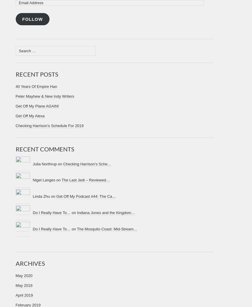  Describe the element at coordinates (32, 196) in the screenshot. I see `'Linda Zhu on'` at that location.